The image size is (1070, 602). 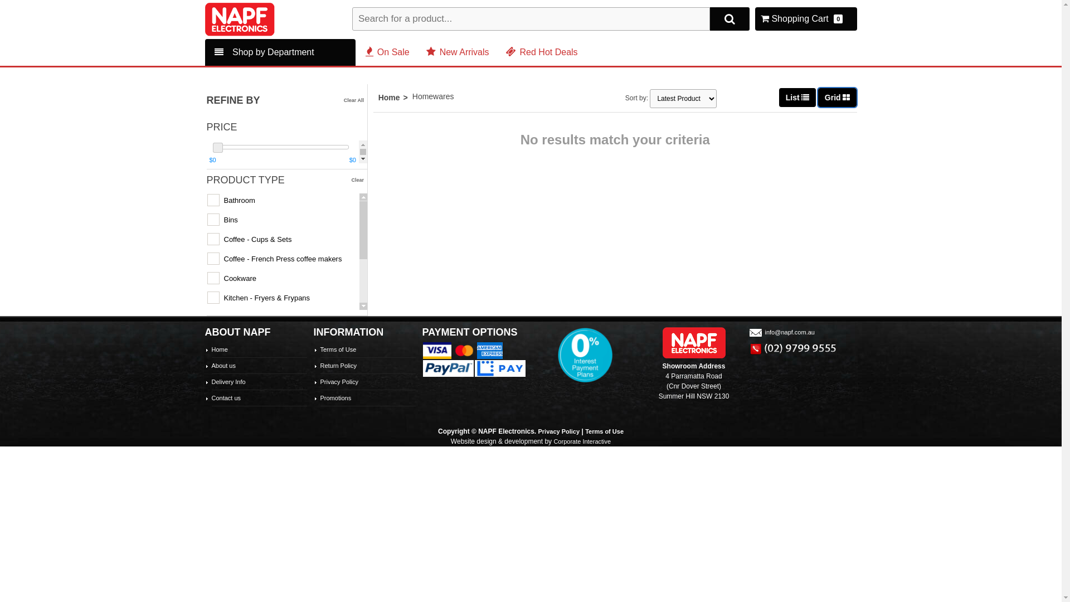 I want to click on 'info@napf.com.au', so click(x=780, y=332).